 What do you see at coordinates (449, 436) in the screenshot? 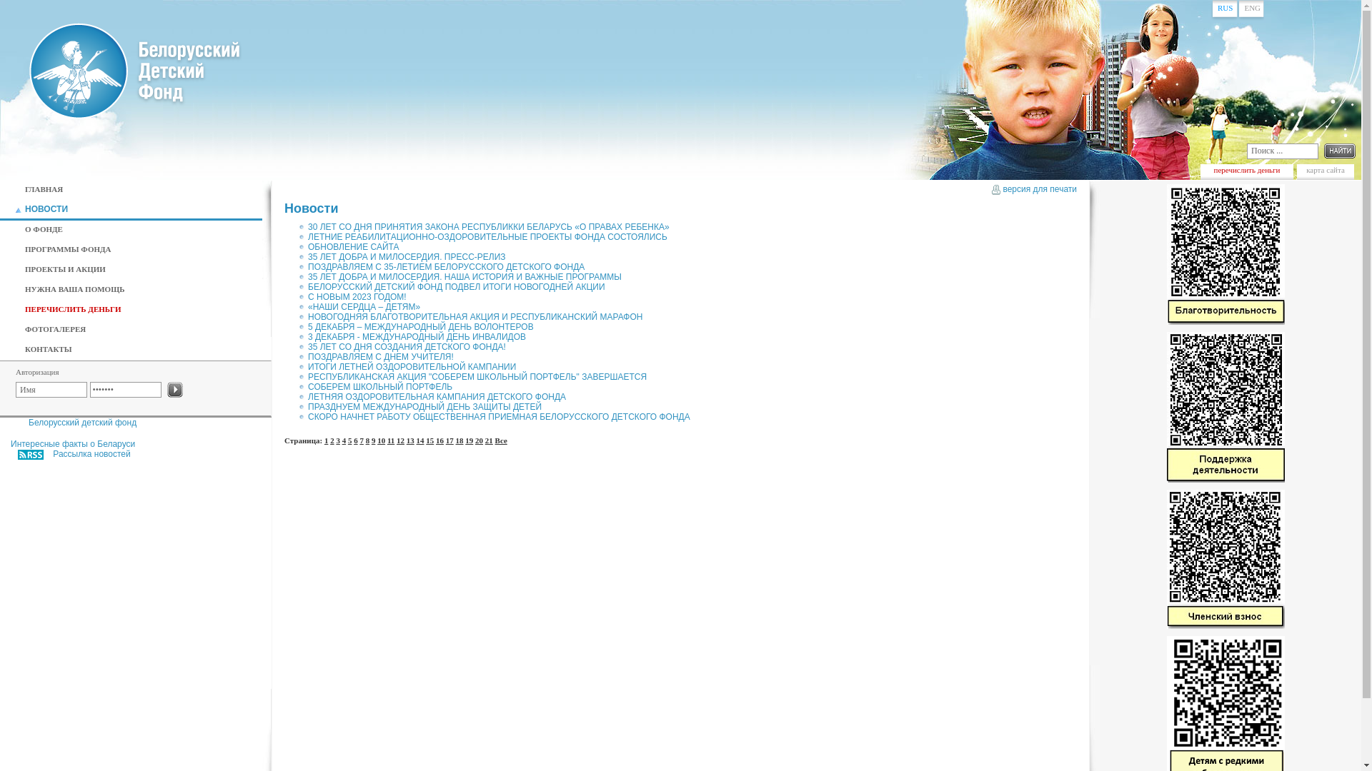
I see `'17'` at bounding box center [449, 436].